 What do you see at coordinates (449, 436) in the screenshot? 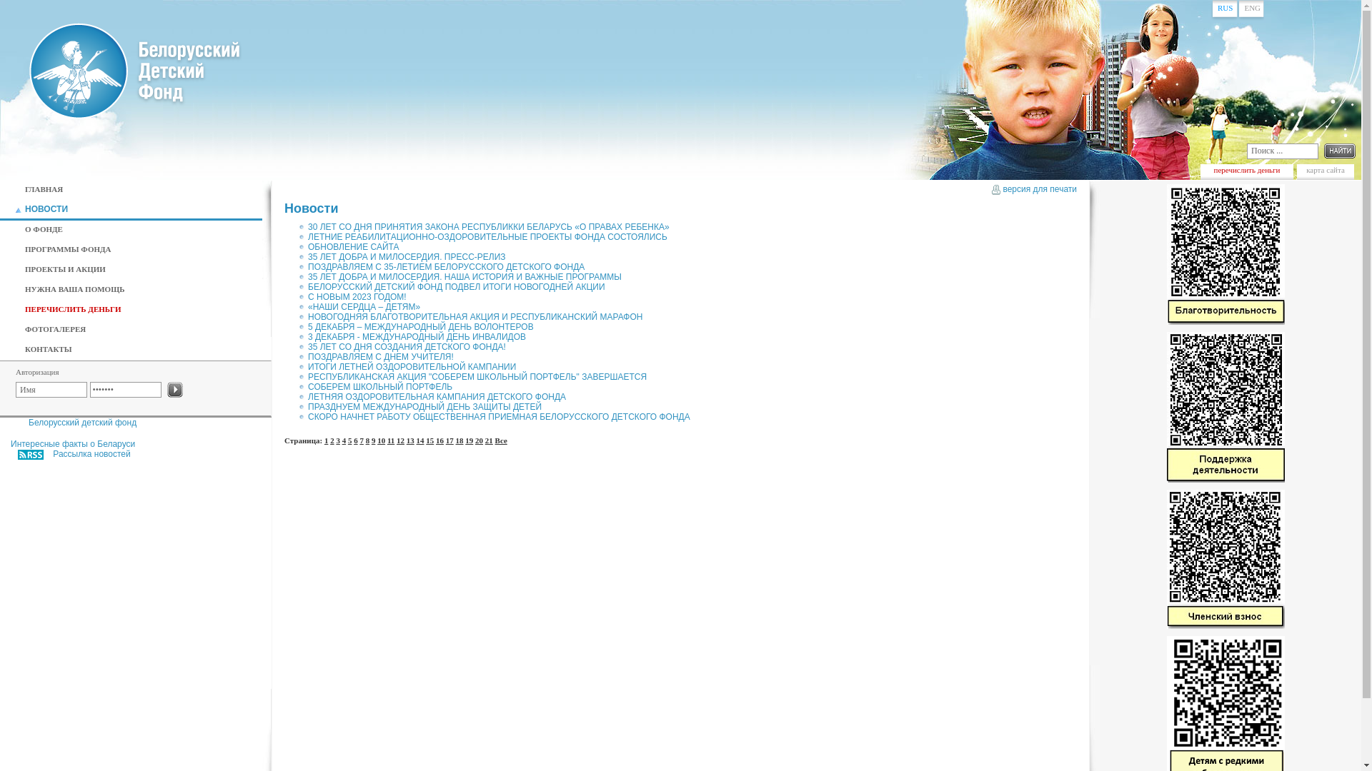
I see `'17'` at bounding box center [449, 436].